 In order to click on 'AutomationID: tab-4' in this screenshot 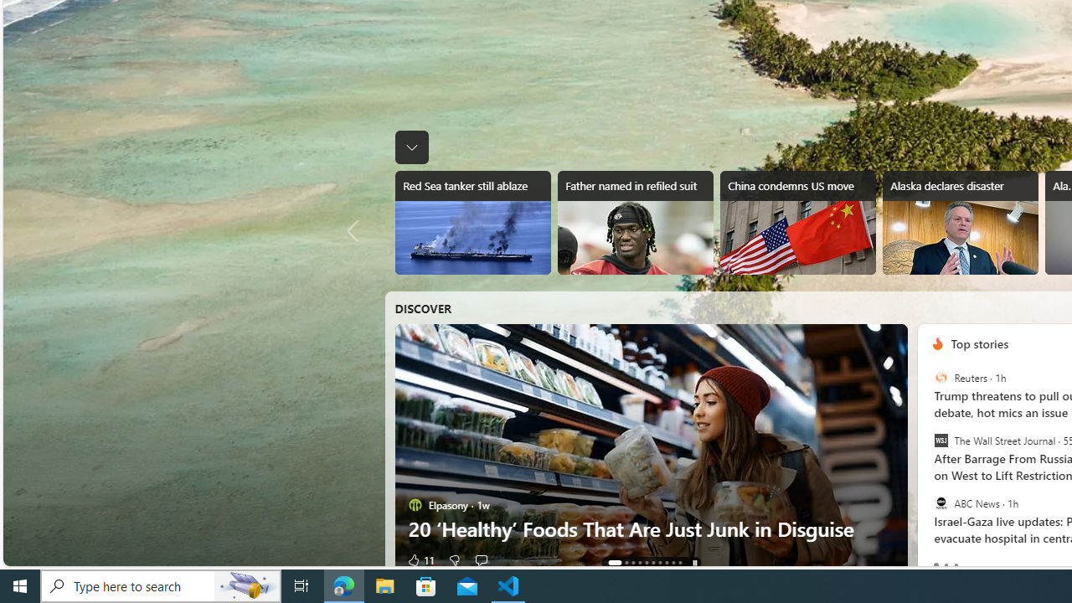, I will do `click(645, 563)`.